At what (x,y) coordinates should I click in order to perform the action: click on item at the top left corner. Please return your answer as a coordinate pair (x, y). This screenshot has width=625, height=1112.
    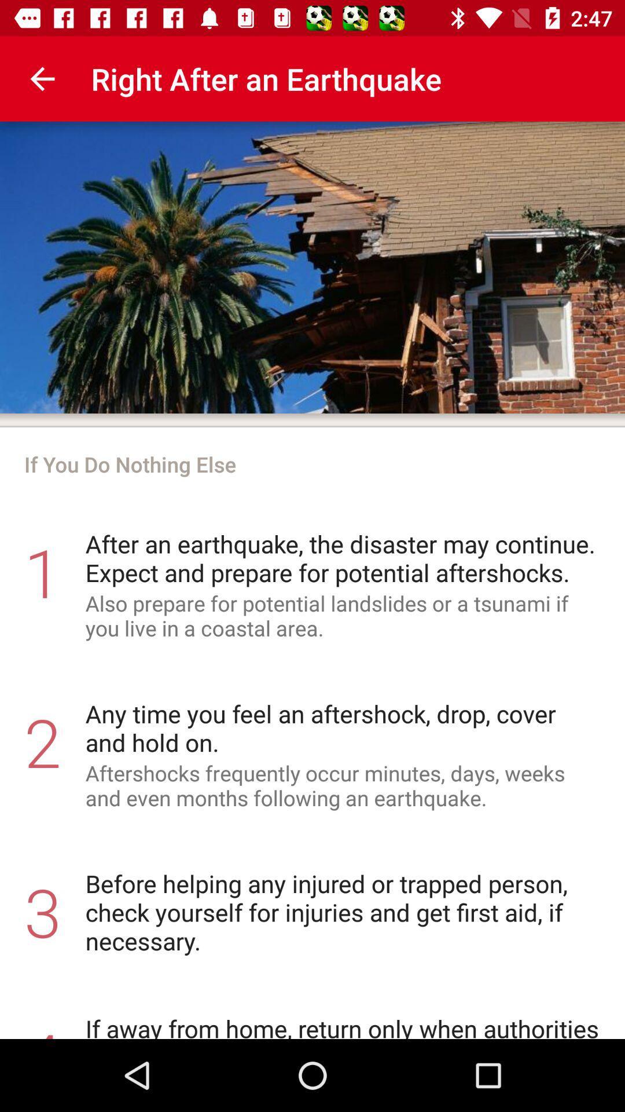
    Looking at the image, I should click on (42, 78).